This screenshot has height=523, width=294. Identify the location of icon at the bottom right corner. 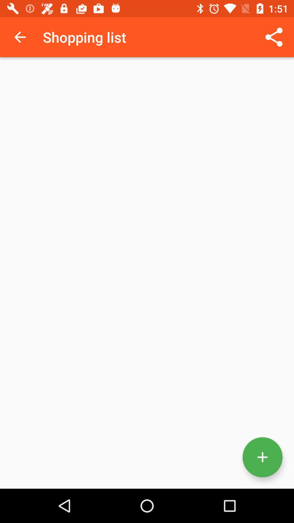
(262, 457).